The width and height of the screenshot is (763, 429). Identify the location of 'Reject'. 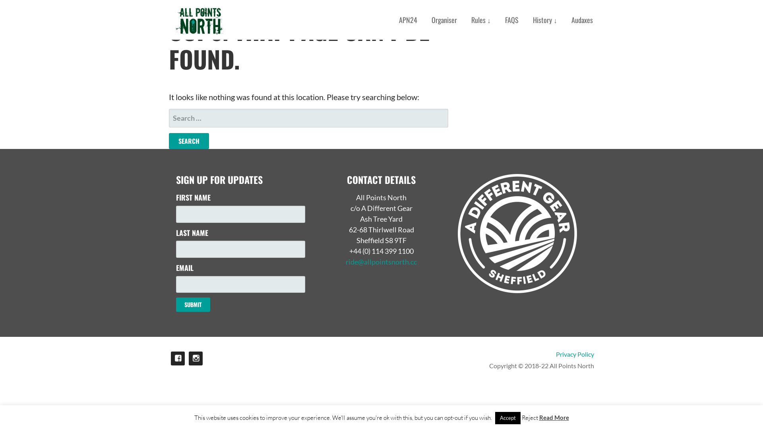
(529, 417).